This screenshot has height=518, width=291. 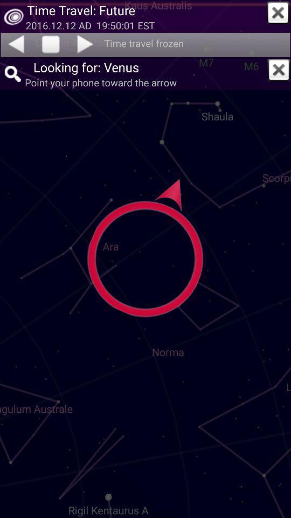 I want to click on press the pause, so click(x=50, y=45).